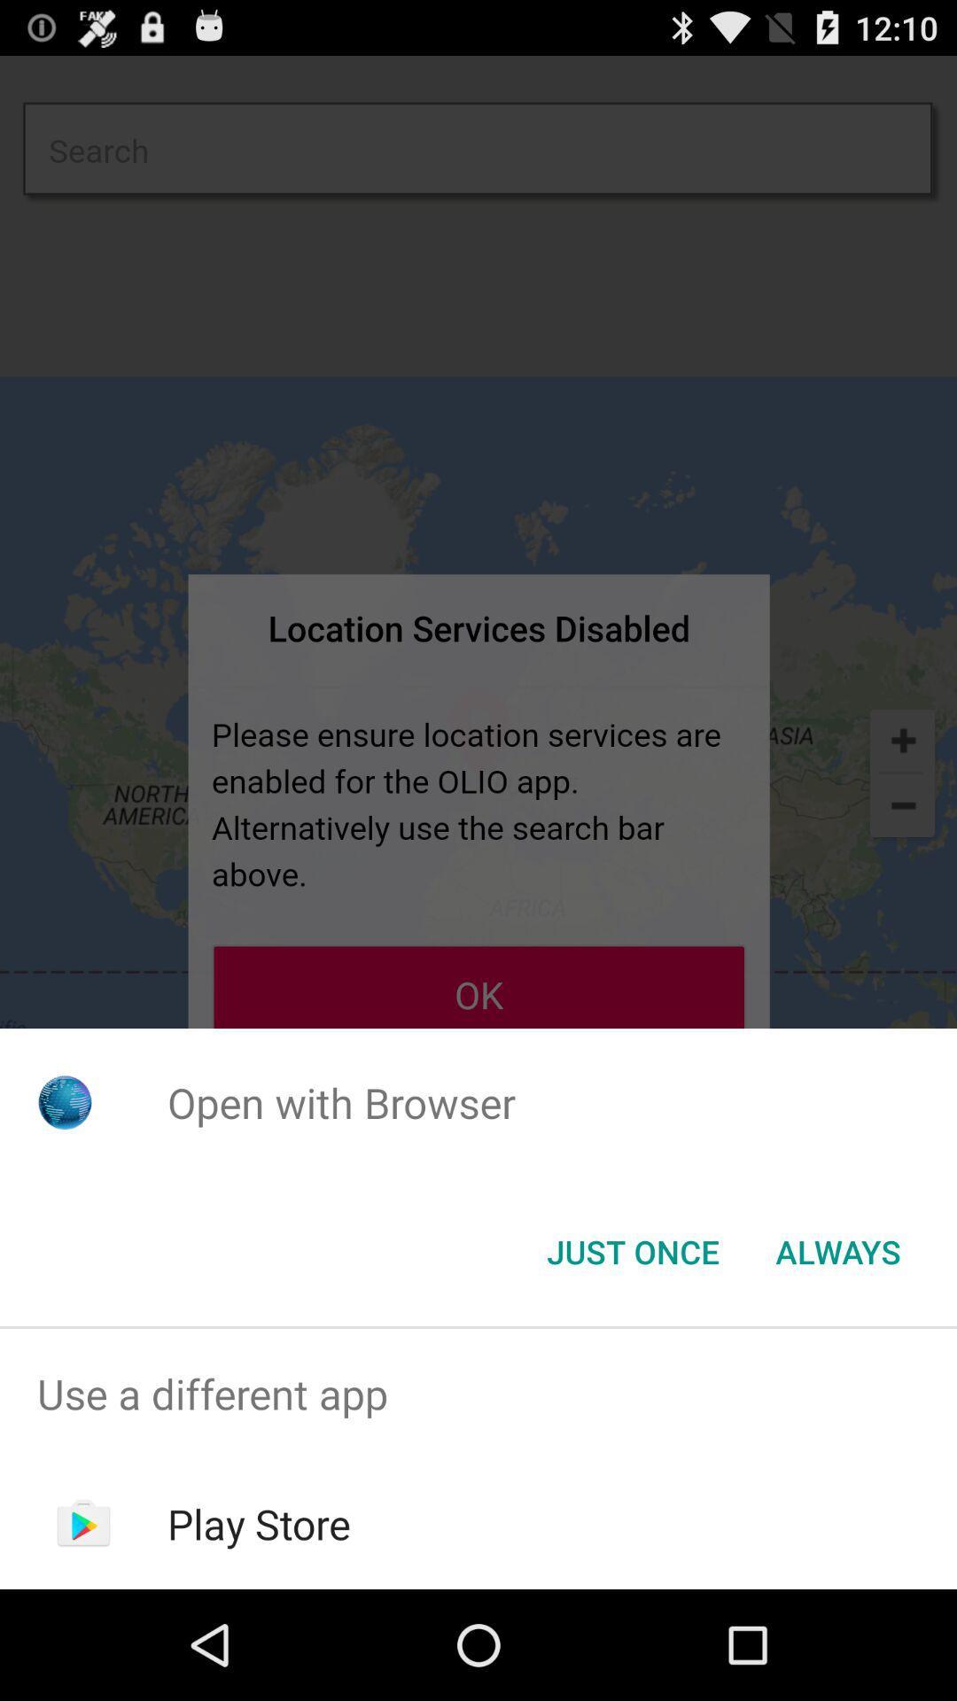  I want to click on play store app, so click(259, 1523).